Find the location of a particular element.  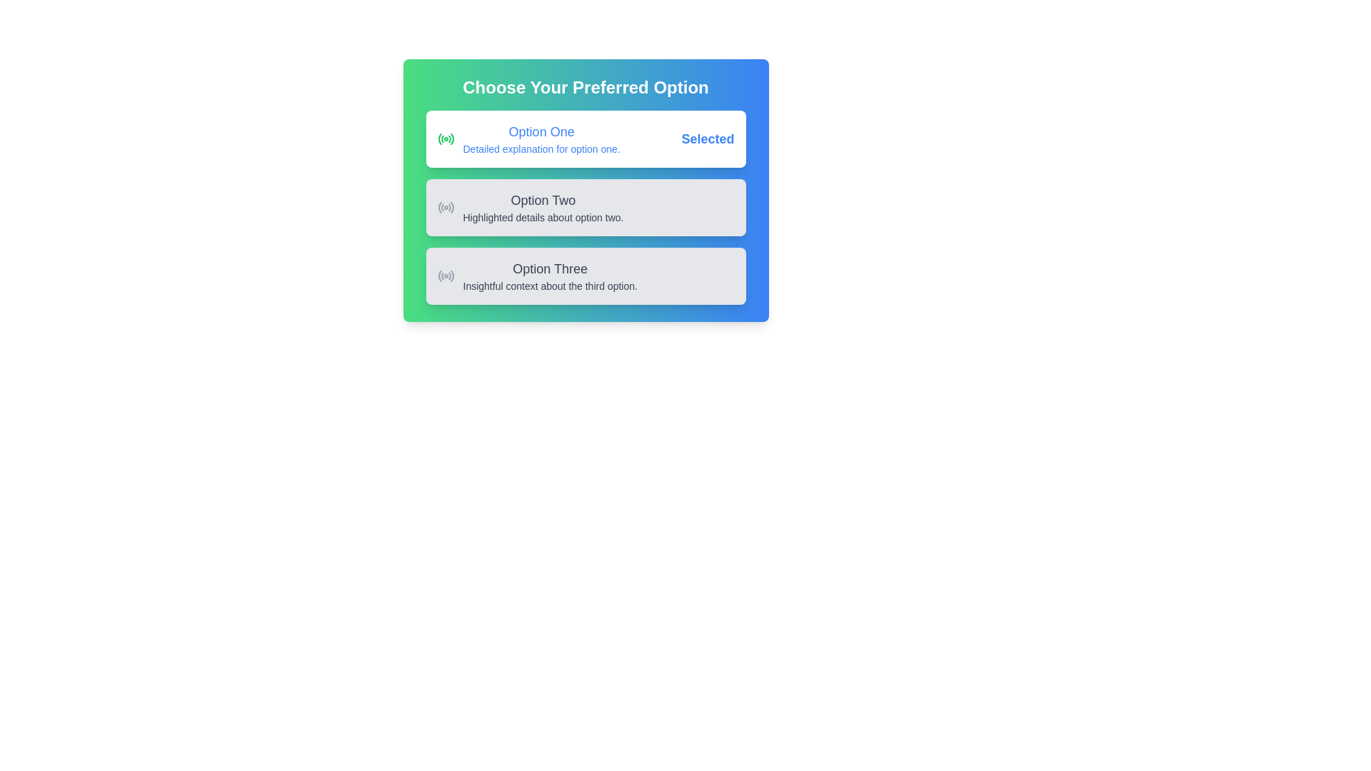

the button labeled 'Option Two' which features a light gray background, rounded corners, and contains a heading and secondary text is located at coordinates (586, 207).